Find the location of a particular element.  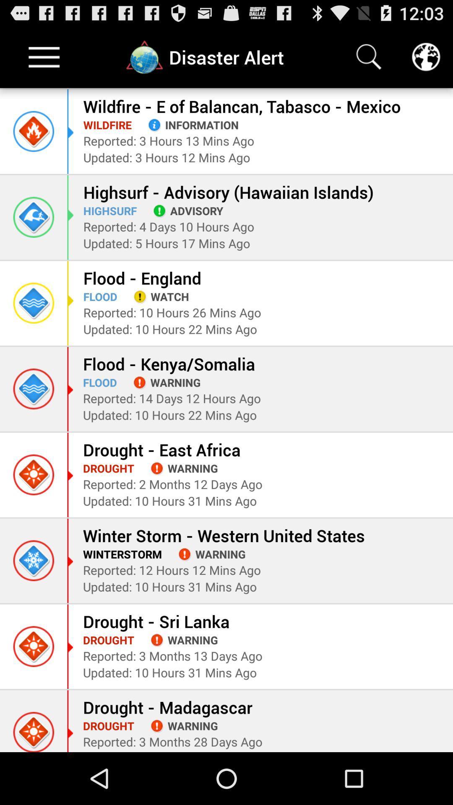

the app menu is located at coordinates (44, 57).